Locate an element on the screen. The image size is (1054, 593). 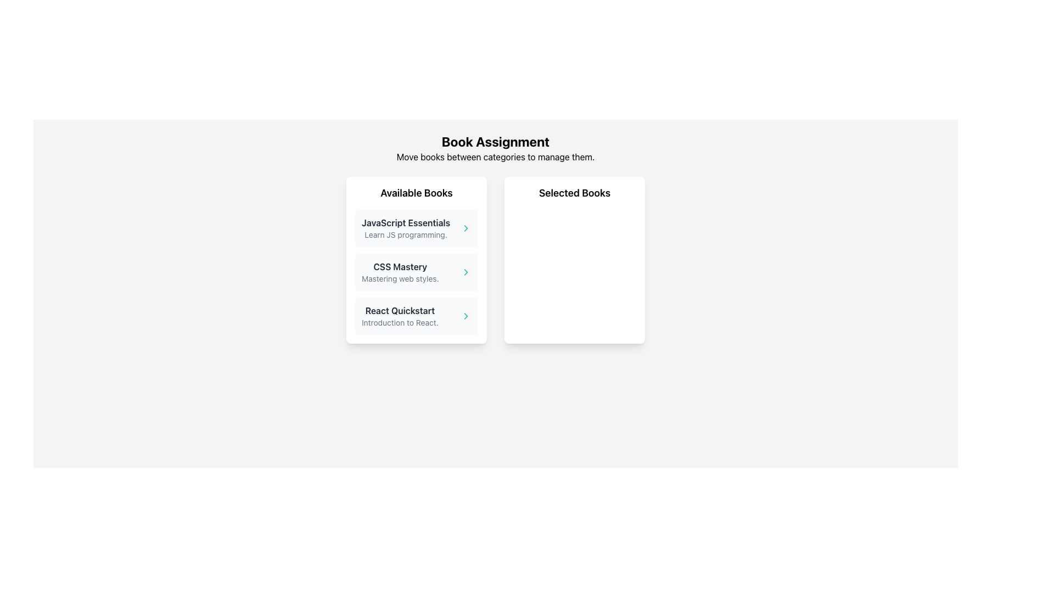
the subtitle displaying 'Mastering web styles.' which is styled in gray and positioned below the heading 'CSS Mastery' is located at coordinates (400, 278).